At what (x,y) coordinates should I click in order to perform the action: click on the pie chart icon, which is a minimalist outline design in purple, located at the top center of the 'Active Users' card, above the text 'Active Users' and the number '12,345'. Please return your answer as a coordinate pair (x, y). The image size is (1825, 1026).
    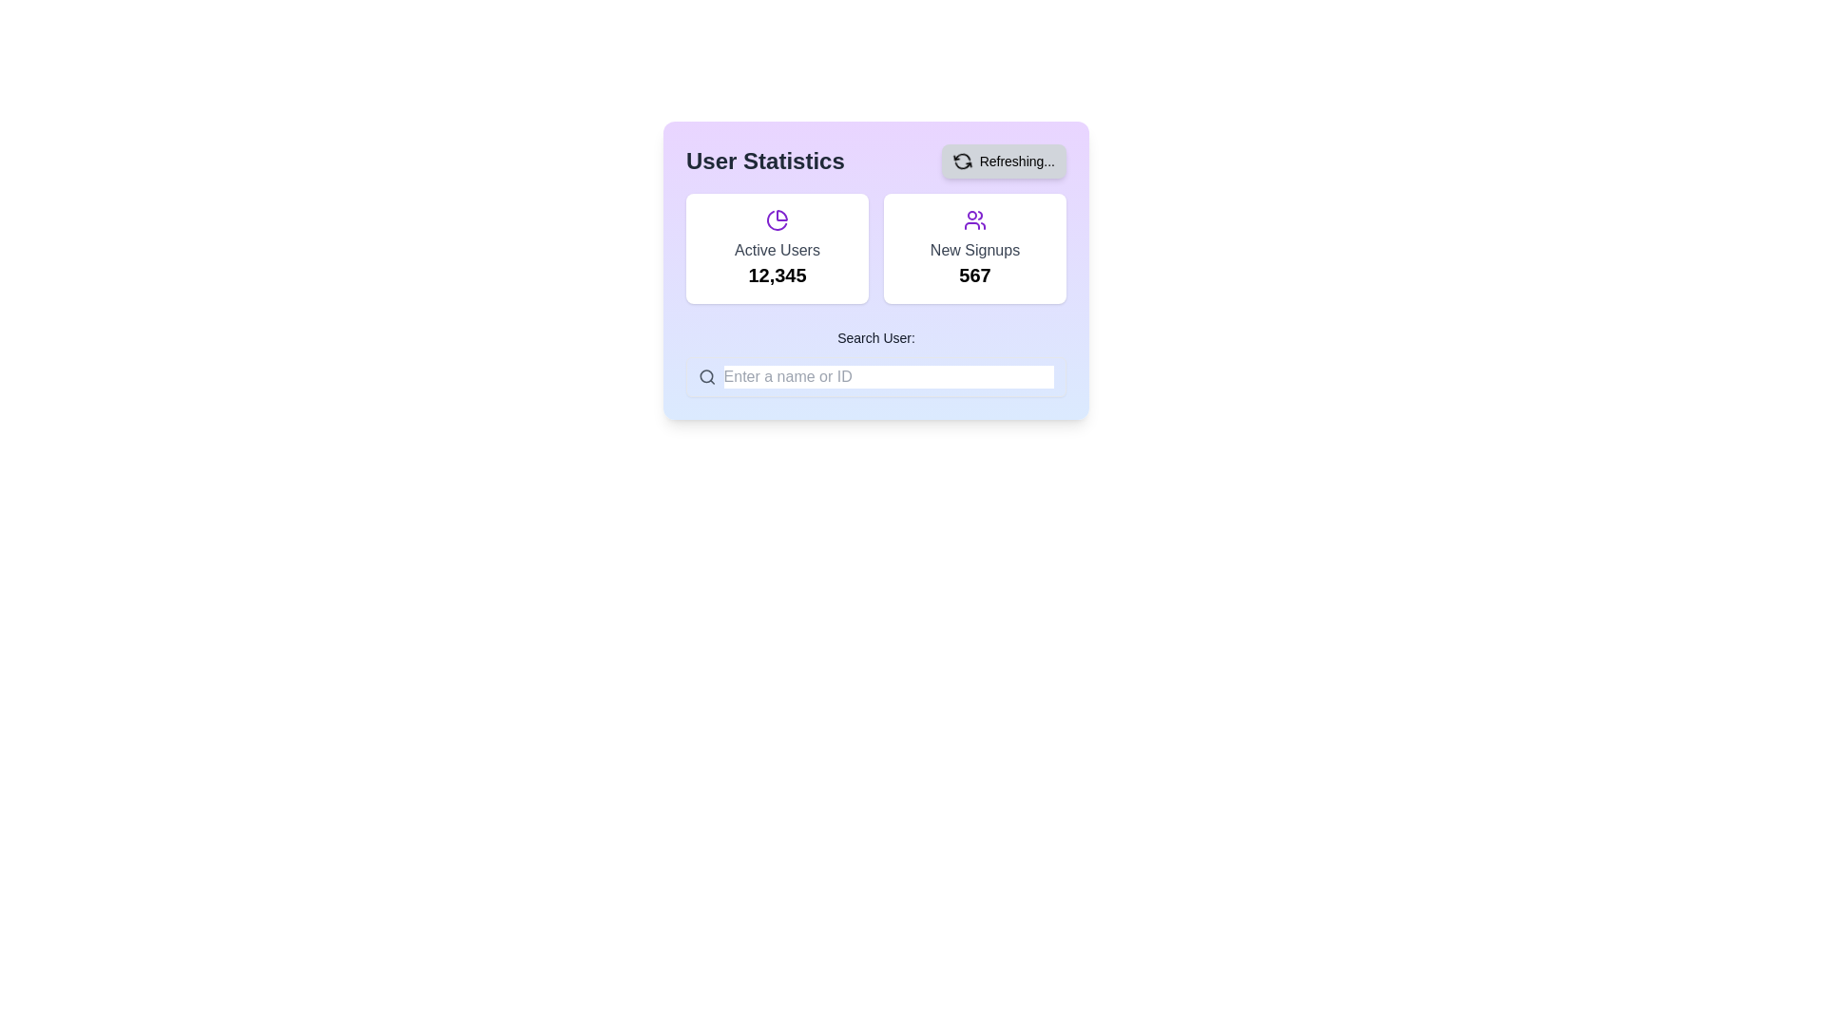
    Looking at the image, I should click on (777, 218).